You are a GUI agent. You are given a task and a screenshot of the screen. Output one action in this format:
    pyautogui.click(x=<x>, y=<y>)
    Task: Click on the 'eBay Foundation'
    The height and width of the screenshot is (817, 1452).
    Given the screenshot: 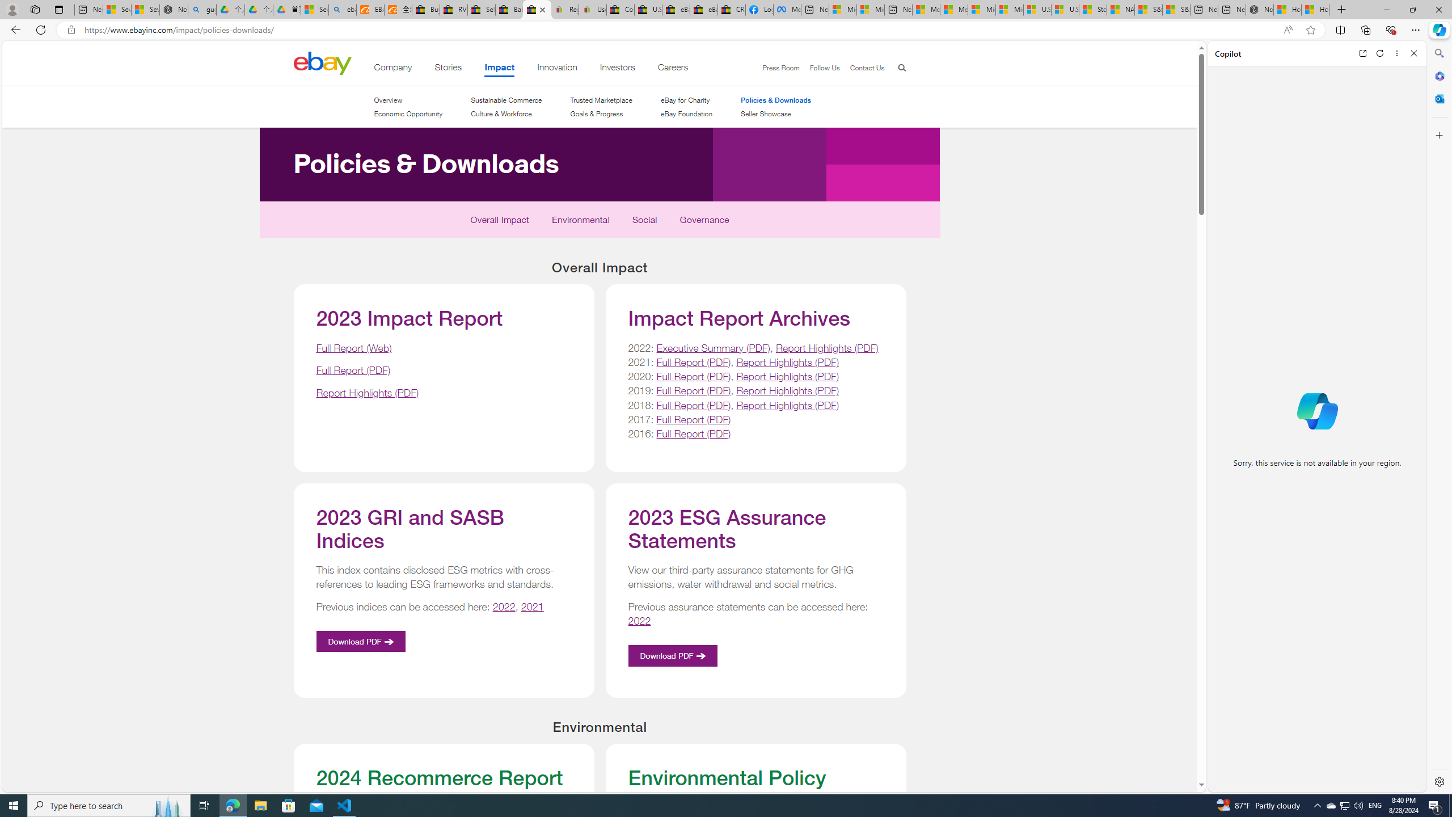 What is the action you would take?
    pyautogui.click(x=686, y=113)
    